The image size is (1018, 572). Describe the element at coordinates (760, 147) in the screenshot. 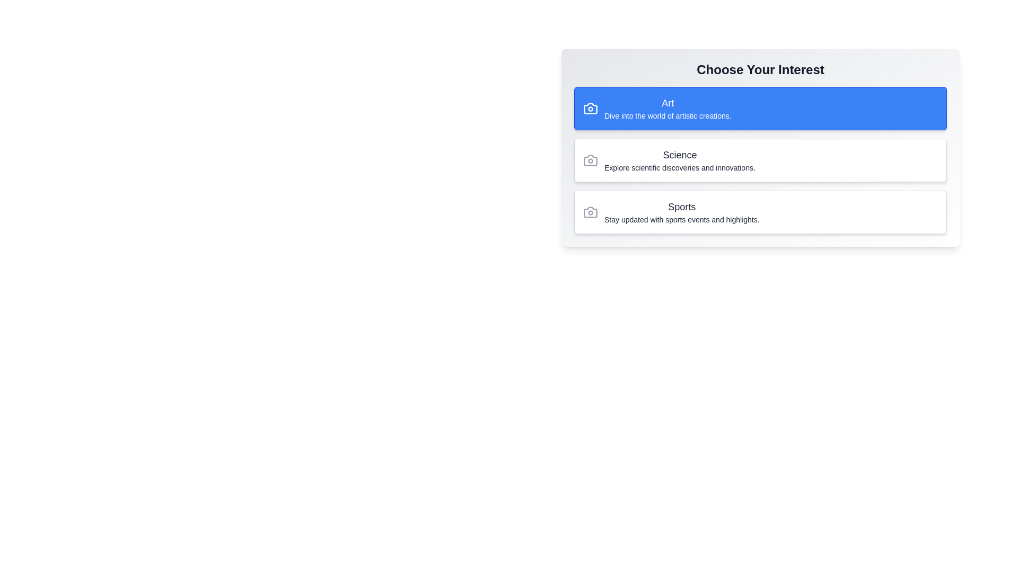

I see `to select the 'Science' option, which is the second item in the list under 'Choose Your Interest', located below the 'Art' section and above the 'Sports' section` at that location.